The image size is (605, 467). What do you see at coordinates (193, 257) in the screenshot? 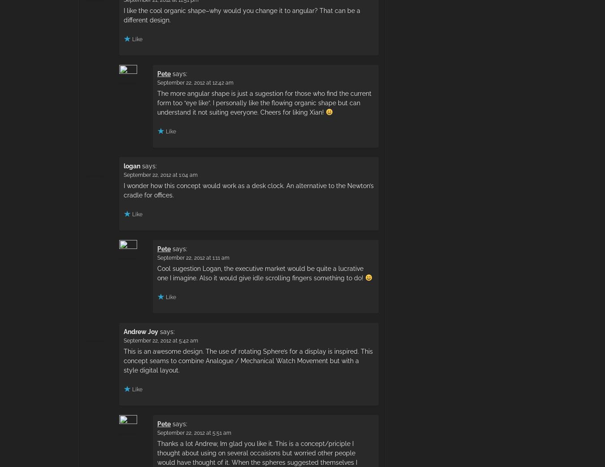
I see `'September 22, 2012 at 1:11 am'` at bounding box center [193, 257].